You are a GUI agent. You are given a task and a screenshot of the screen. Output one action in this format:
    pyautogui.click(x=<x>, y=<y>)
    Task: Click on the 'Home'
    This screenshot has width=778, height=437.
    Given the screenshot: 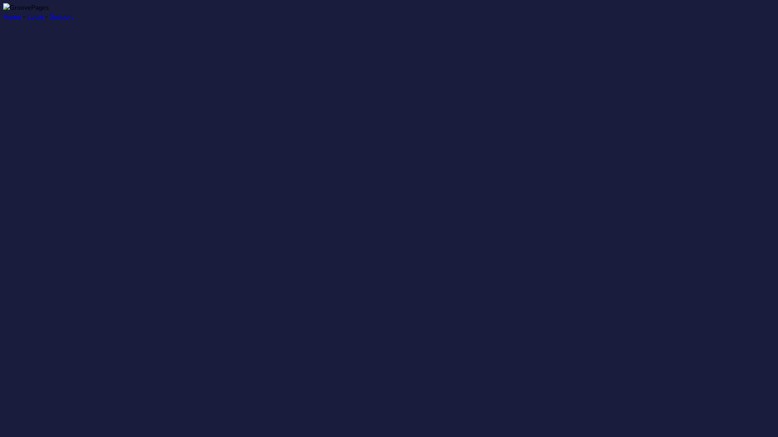 What is the action you would take?
    pyautogui.click(x=12, y=17)
    